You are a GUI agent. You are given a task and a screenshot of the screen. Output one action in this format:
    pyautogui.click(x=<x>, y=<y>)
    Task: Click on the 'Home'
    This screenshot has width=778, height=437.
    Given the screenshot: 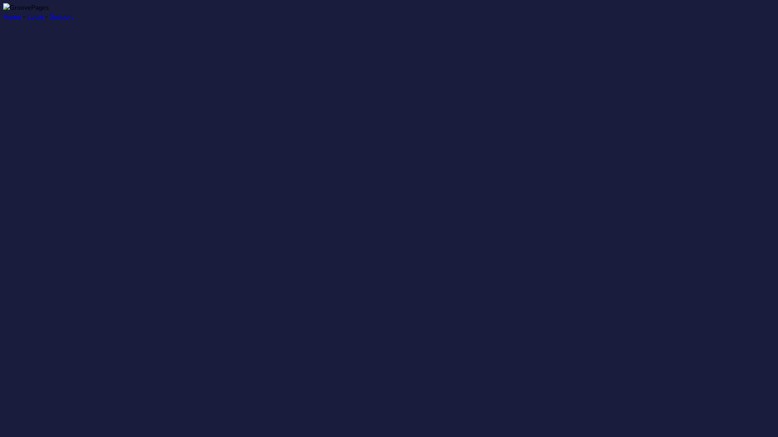 What is the action you would take?
    pyautogui.click(x=12, y=17)
    